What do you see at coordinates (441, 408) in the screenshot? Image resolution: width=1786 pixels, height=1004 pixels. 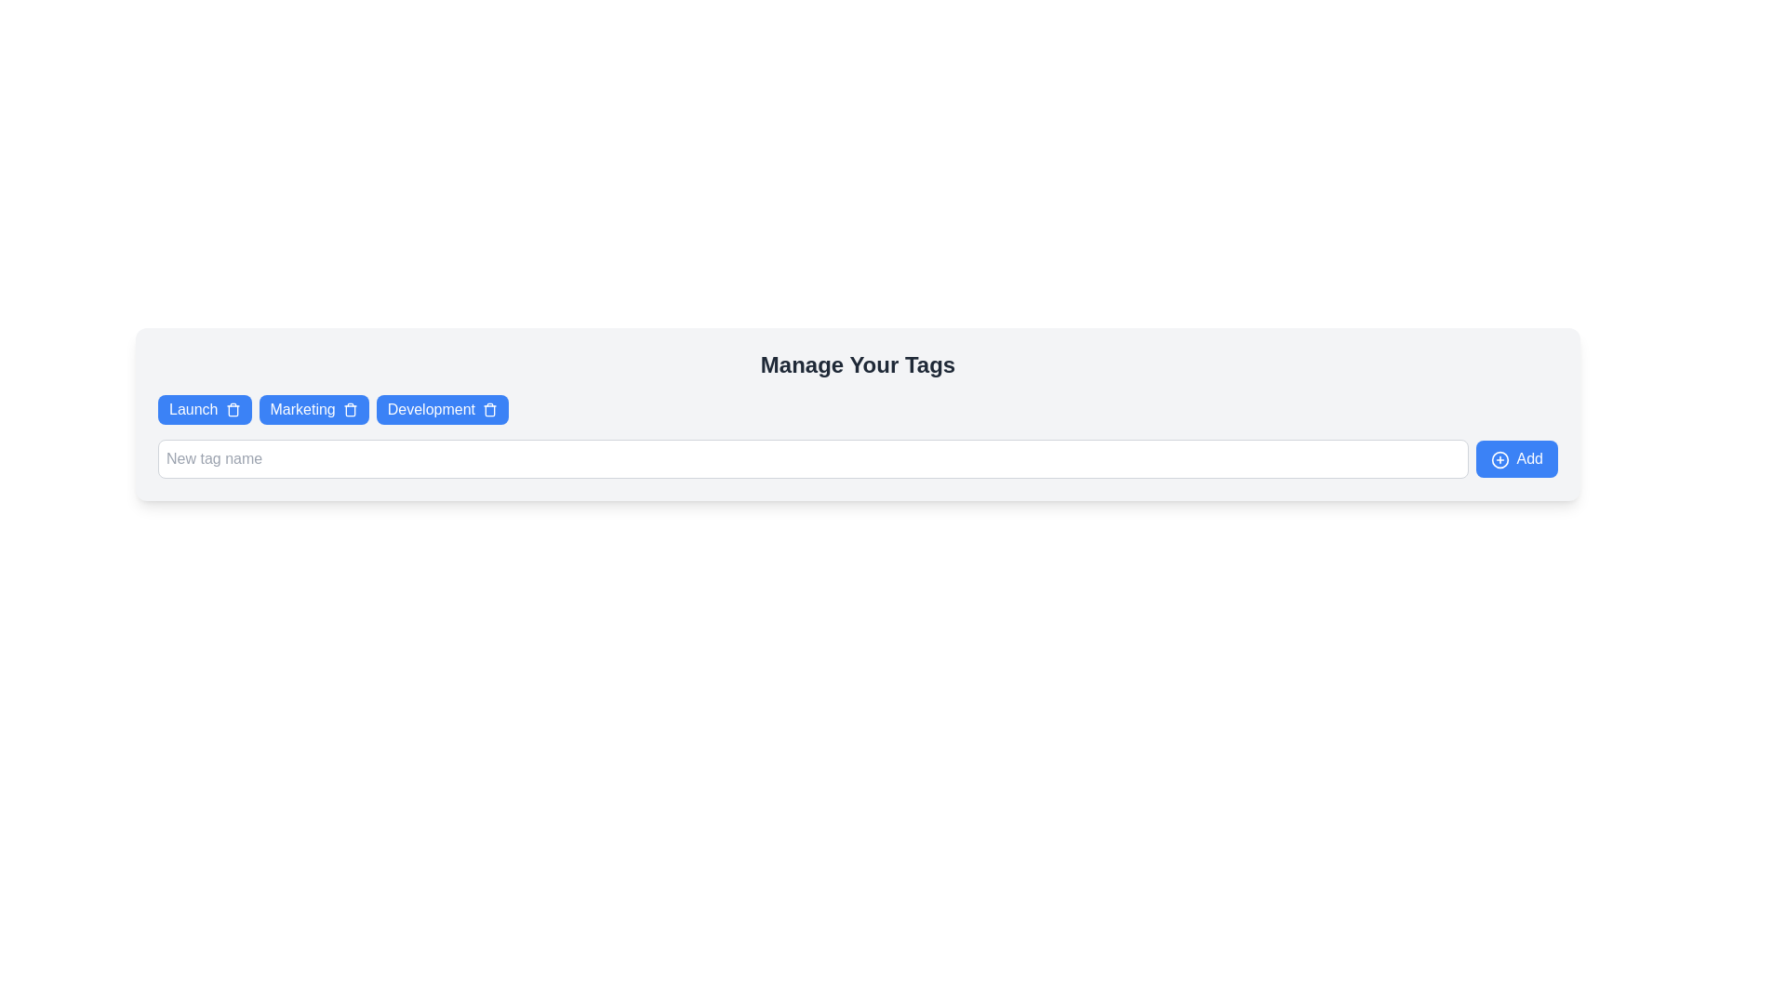 I see `the third tag in the row labeled 'Development'` at bounding box center [441, 408].